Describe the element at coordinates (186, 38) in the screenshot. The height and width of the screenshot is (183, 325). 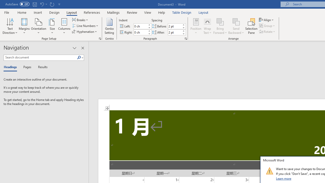
I see `'Paragraph...'` at that location.